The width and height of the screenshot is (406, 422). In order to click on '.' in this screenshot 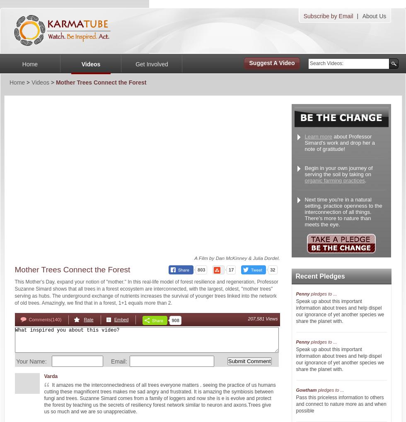, I will do `click(365, 180)`.